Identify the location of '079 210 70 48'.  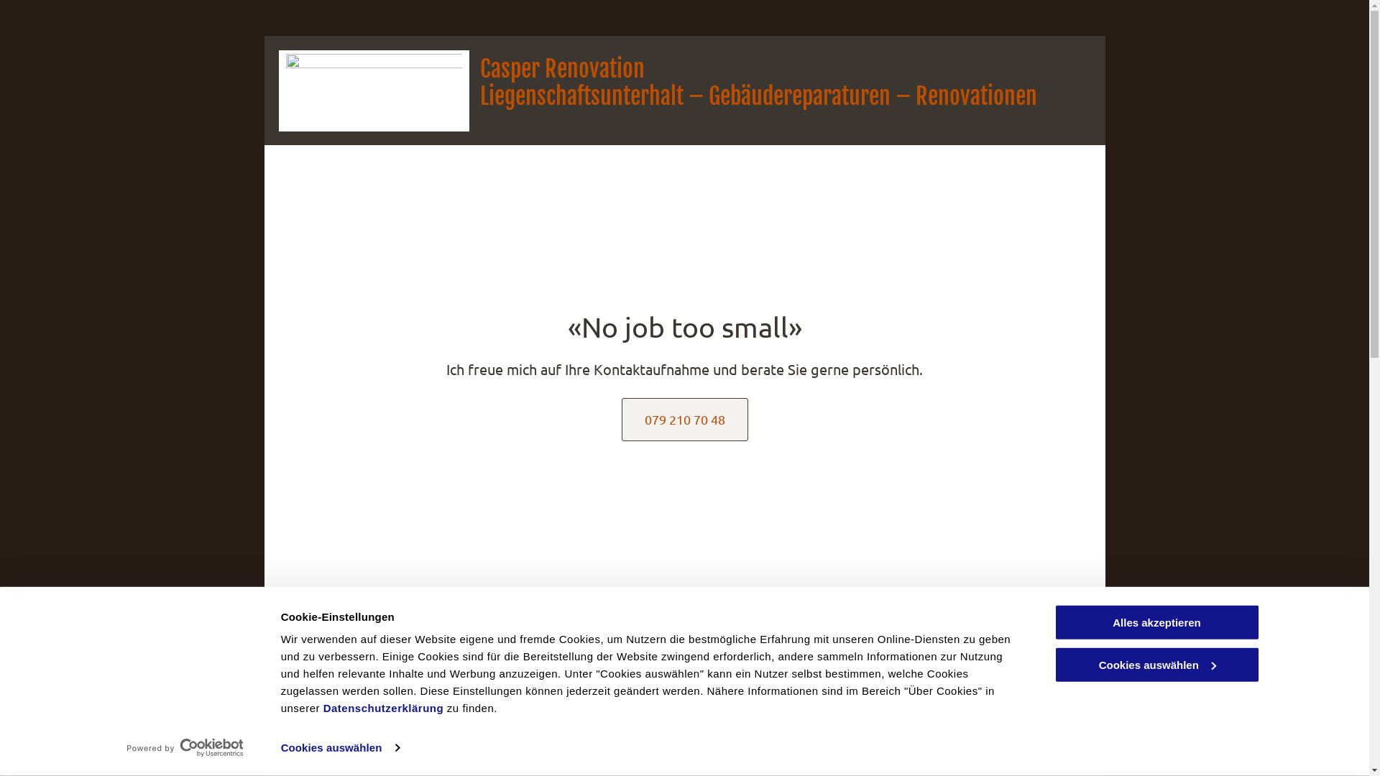
(683, 419).